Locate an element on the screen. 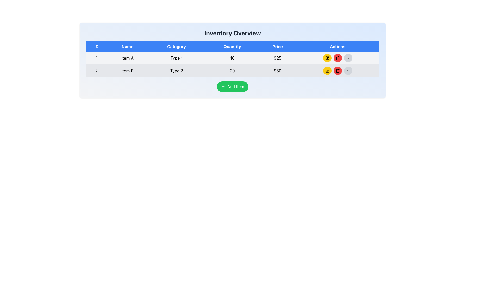  the Table Header Cell labeled 'Quantity' is located at coordinates (232, 46).